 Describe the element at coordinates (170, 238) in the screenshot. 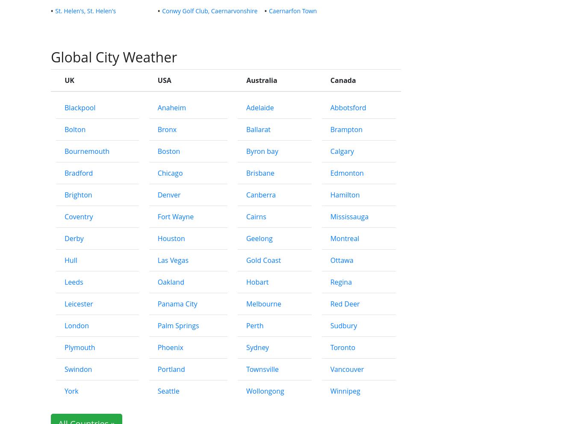

I see `'Houston'` at that location.